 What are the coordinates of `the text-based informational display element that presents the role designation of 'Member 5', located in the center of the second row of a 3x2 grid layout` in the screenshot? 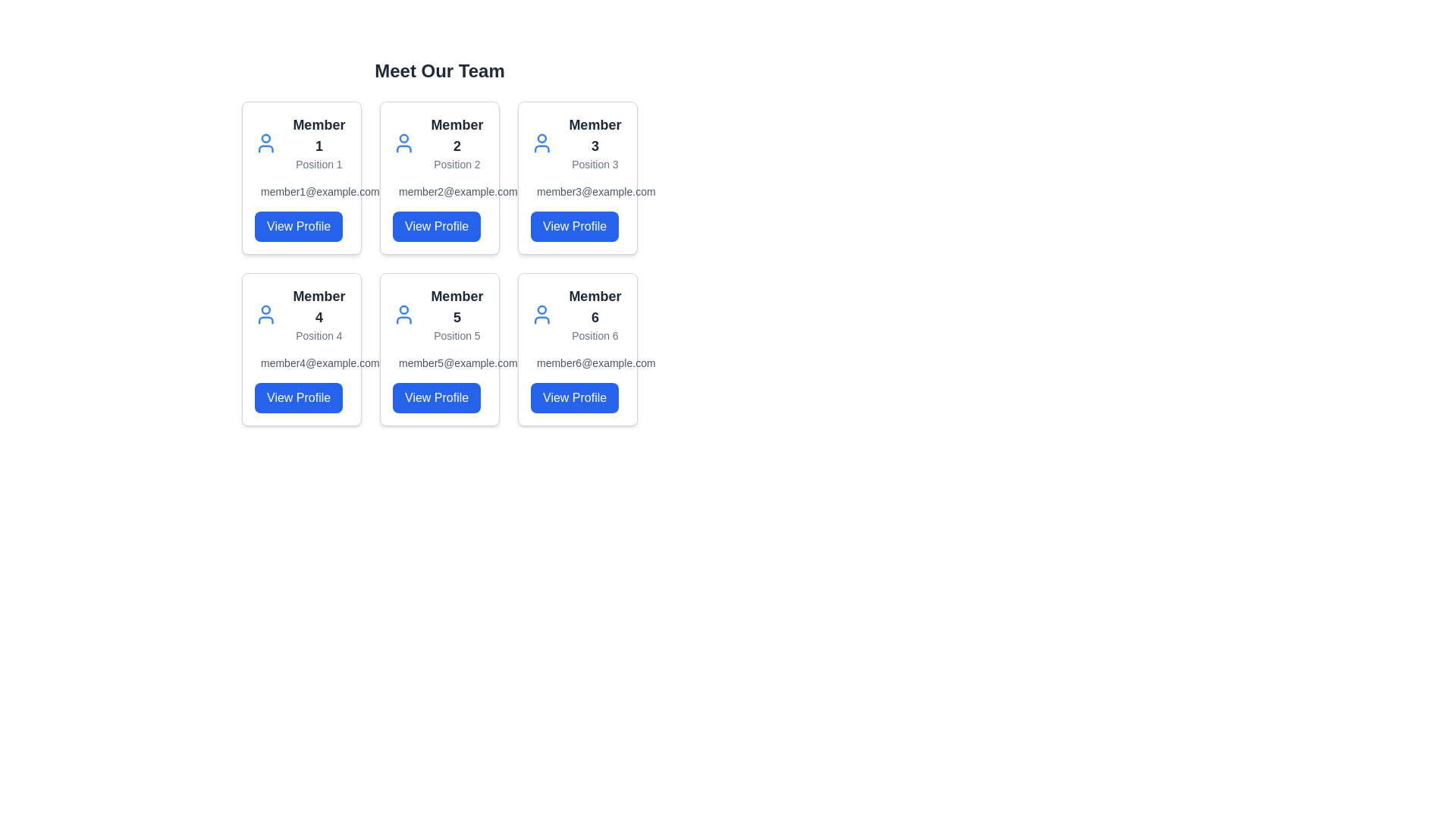 It's located at (456, 314).